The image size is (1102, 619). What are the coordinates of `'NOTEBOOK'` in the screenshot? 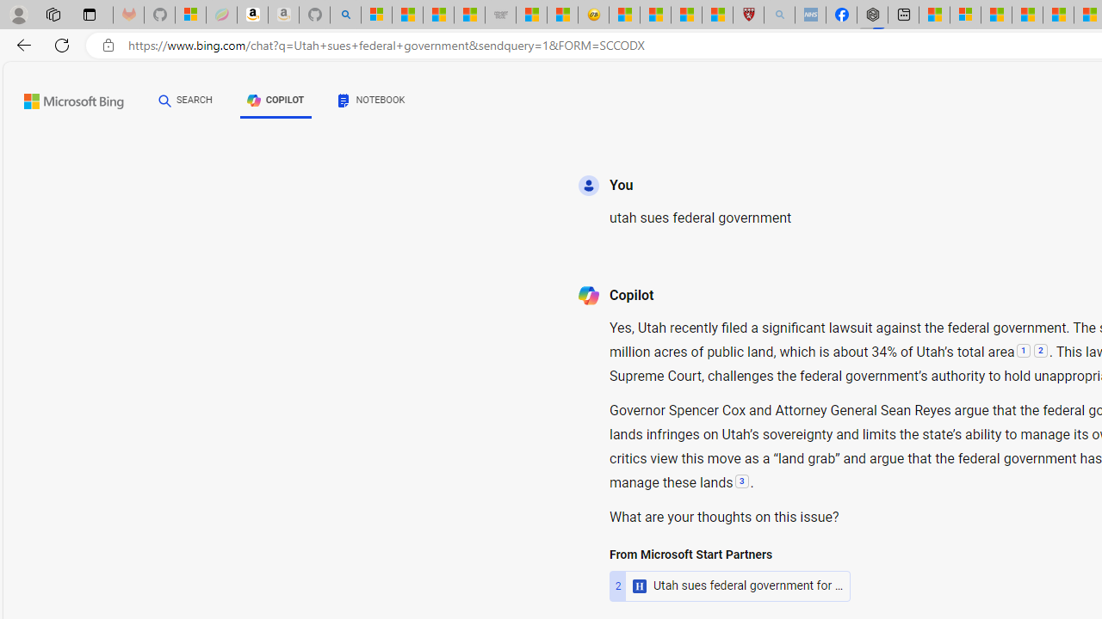 It's located at (371, 103).